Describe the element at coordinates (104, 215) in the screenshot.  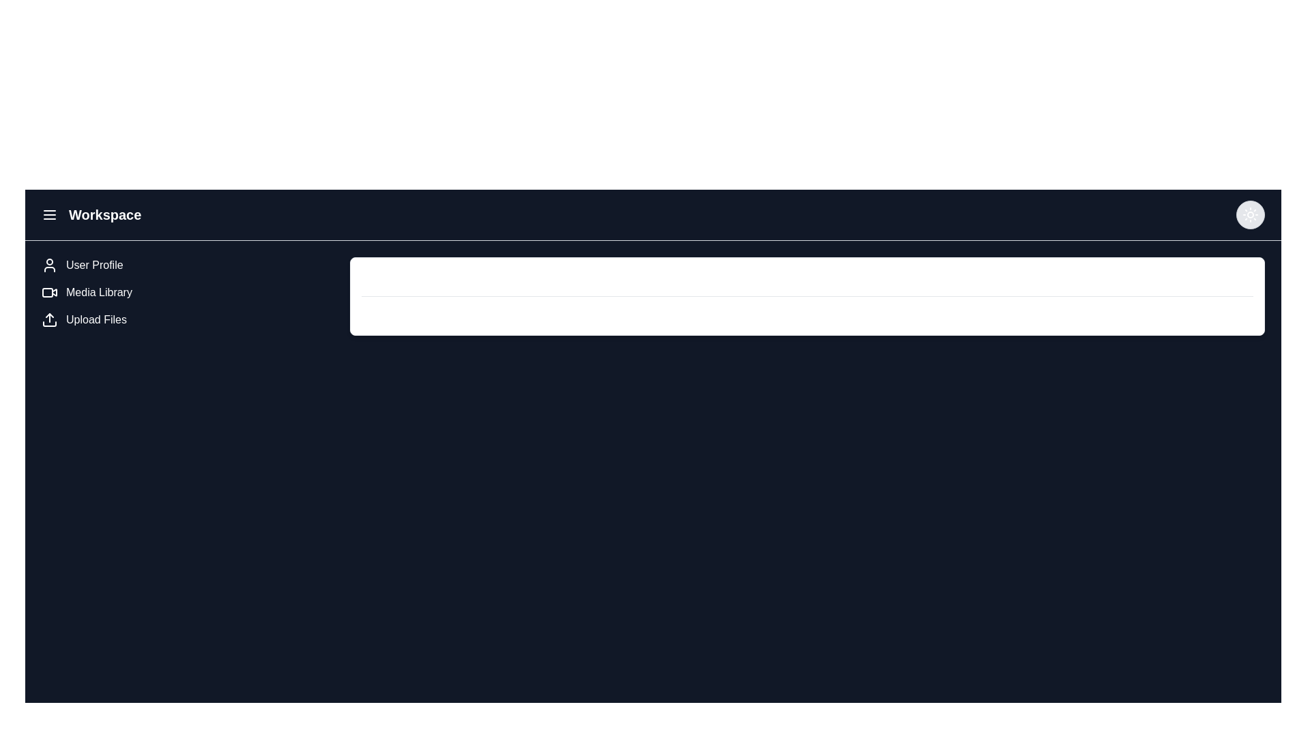
I see `the Text label in the header section that indicates the name of the current section or workspace area within the application` at that location.